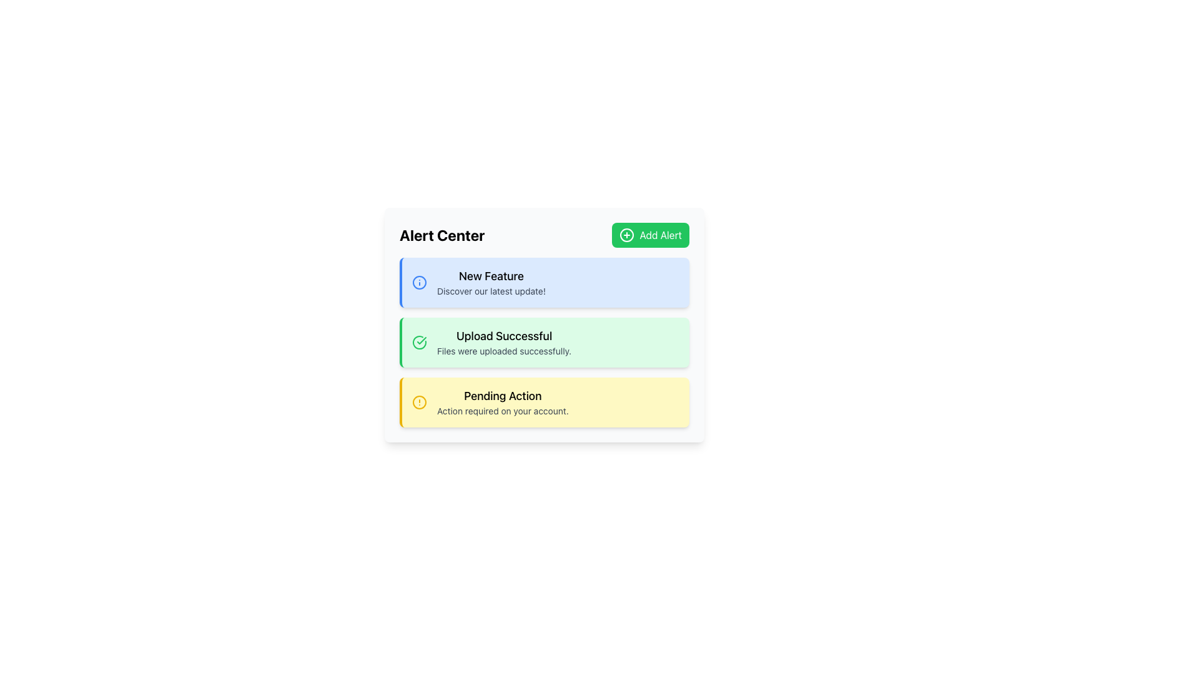 This screenshot has width=1199, height=674. Describe the element at coordinates (491, 276) in the screenshot. I see `the Text Label that highlights the title of the notification card in the Alert Center, positioned above 'Discover our latest update!'` at that location.